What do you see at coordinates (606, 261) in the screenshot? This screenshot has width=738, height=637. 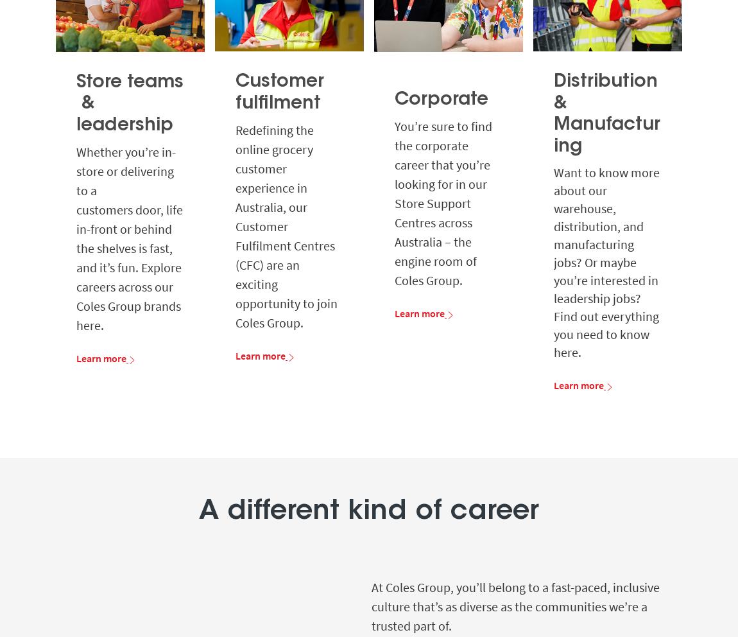 I see `'Want to know more about our warehouse, distribution, and manufacturing jobs? Or maybe you’re interested in leadership jobs? Find out everything you need to know here.'` at bounding box center [606, 261].